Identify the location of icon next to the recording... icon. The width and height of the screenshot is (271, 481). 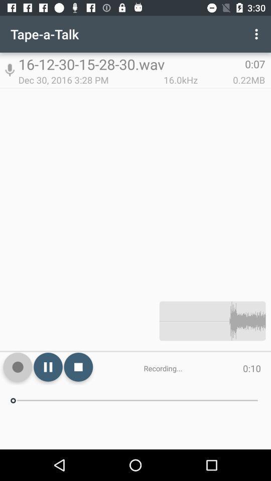
(78, 366).